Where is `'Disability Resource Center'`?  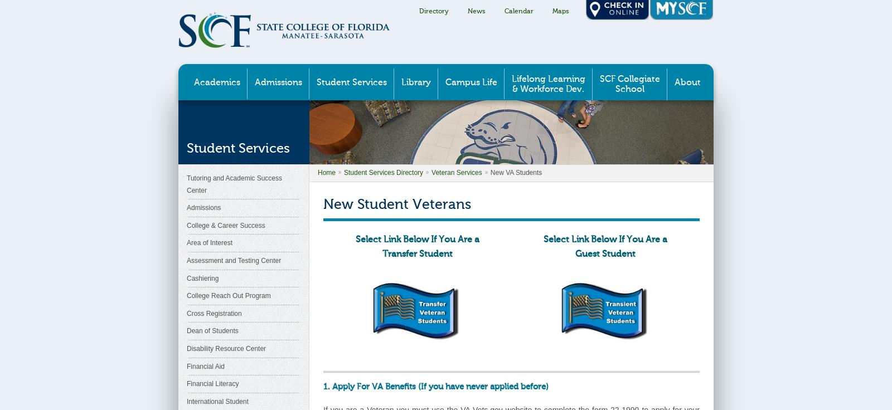
'Disability Resource Center' is located at coordinates (187, 348).